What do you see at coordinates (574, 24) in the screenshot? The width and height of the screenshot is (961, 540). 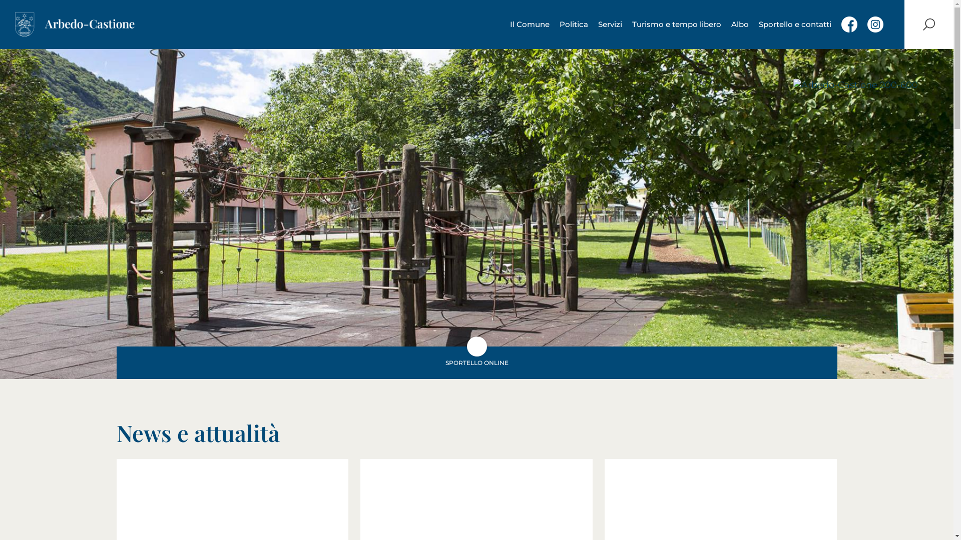 I see `'Politica'` at bounding box center [574, 24].